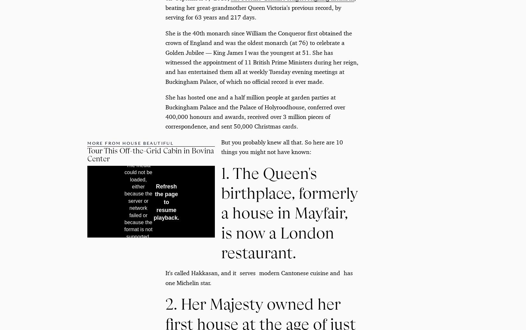  I want to click on 'Community Guidelines', so click(198, 260).